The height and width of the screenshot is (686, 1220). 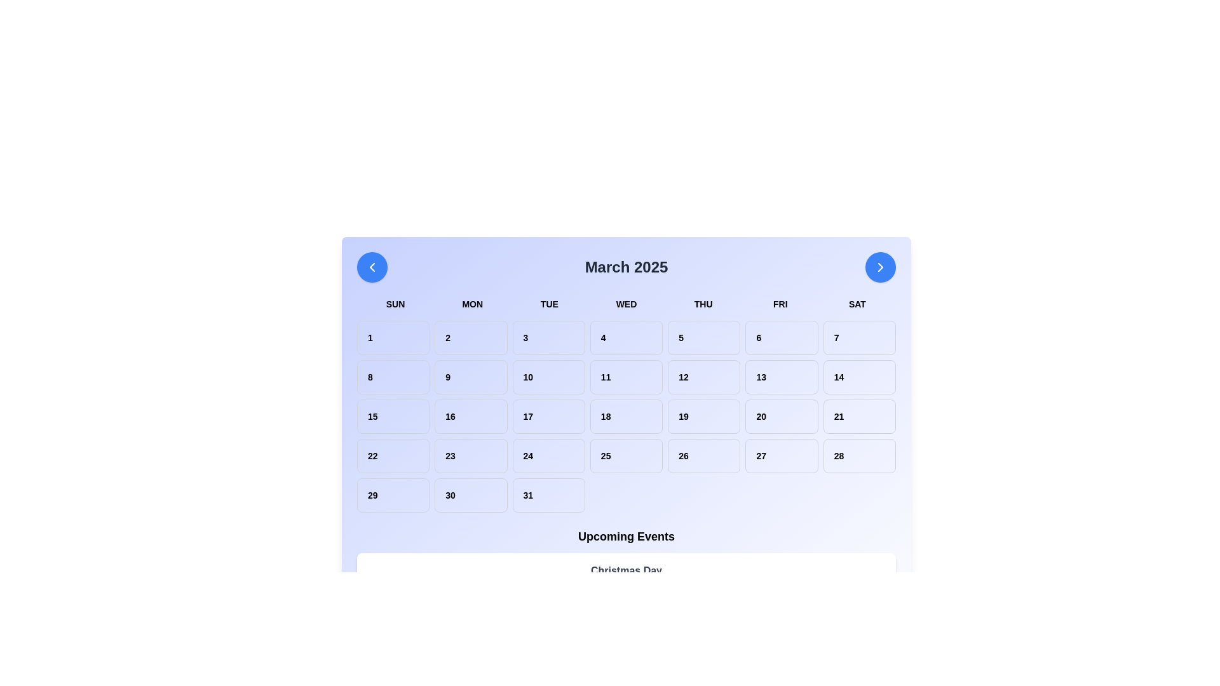 What do you see at coordinates (395, 304) in the screenshot?
I see `the header label indicating the Sunday column in the calendar, which is the leftmost position in the week header row` at bounding box center [395, 304].